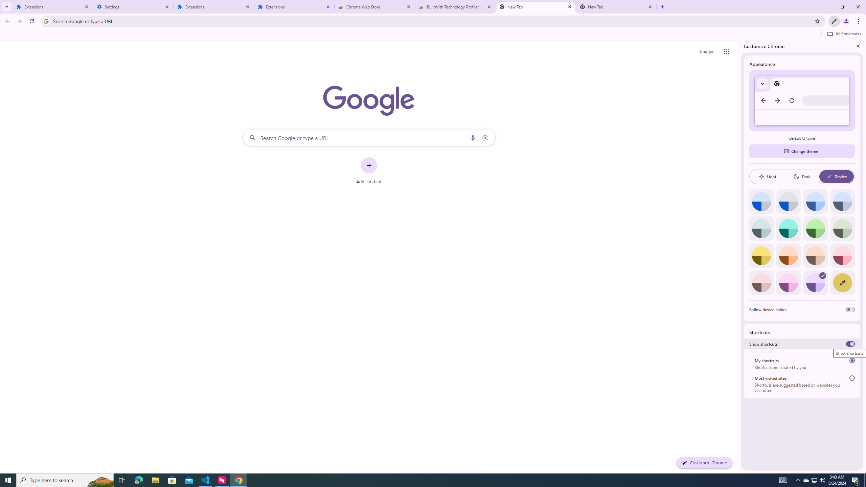 The width and height of the screenshot is (866, 487). Describe the element at coordinates (788, 201) in the screenshot. I see `'Grey default color'` at that location.